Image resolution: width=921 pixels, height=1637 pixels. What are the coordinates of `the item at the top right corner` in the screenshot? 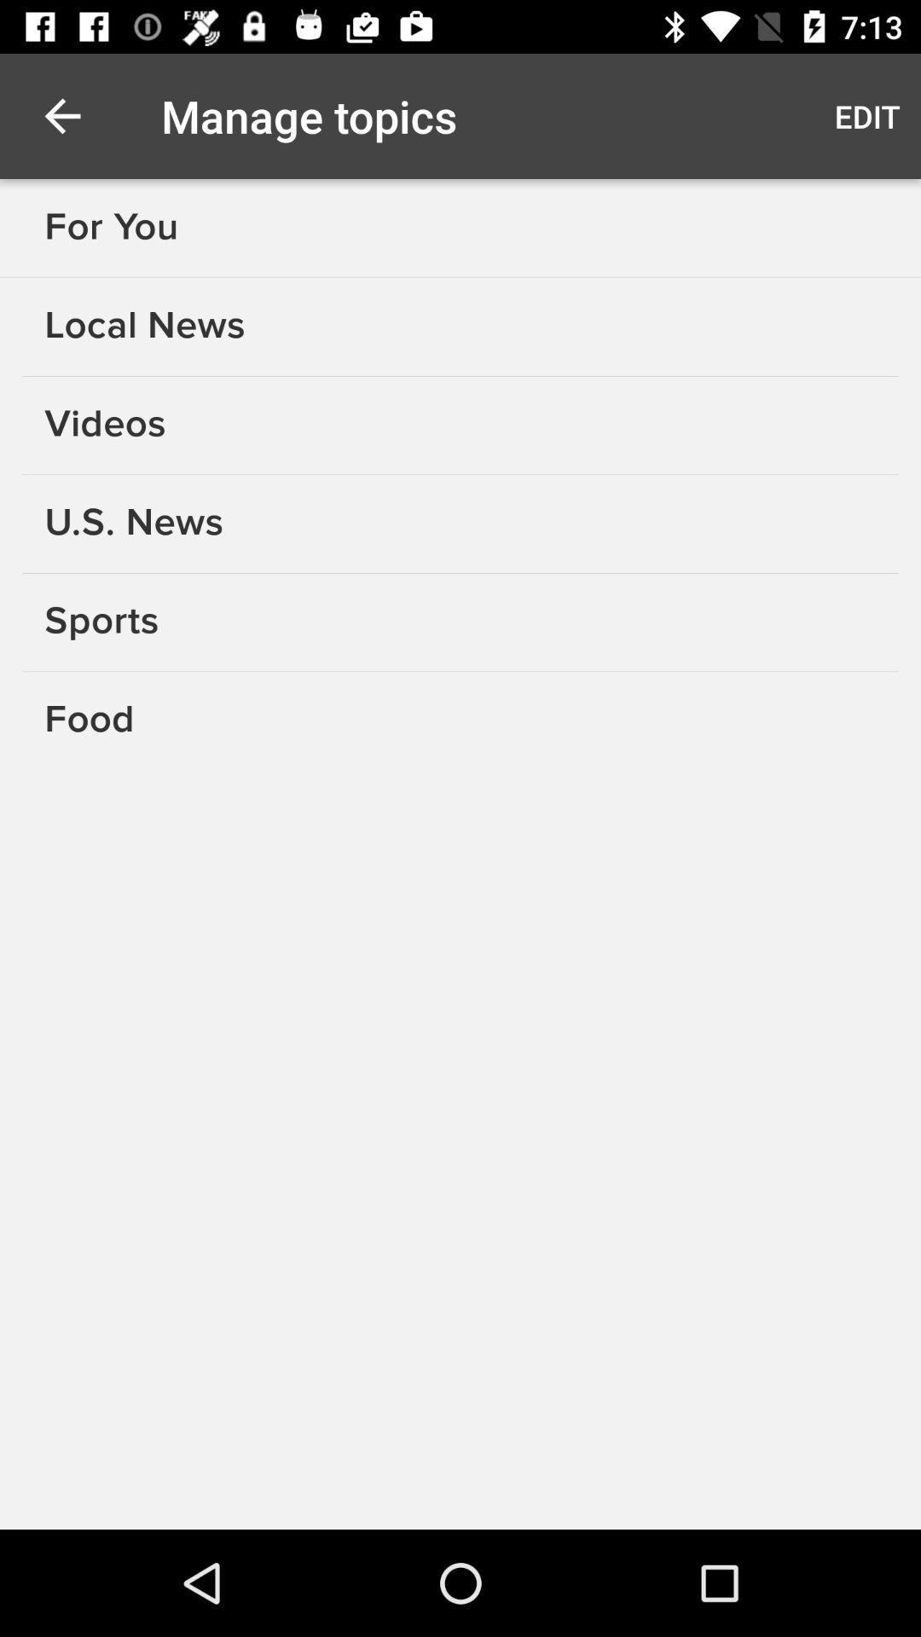 It's located at (867, 115).